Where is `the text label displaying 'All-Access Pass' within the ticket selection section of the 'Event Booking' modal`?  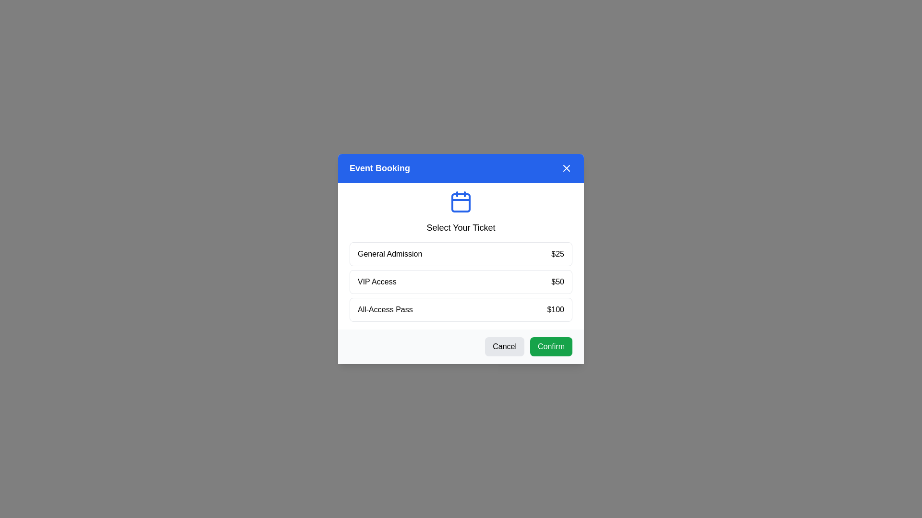 the text label displaying 'All-Access Pass' within the ticket selection section of the 'Event Booking' modal is located at coordinates (385, 309).